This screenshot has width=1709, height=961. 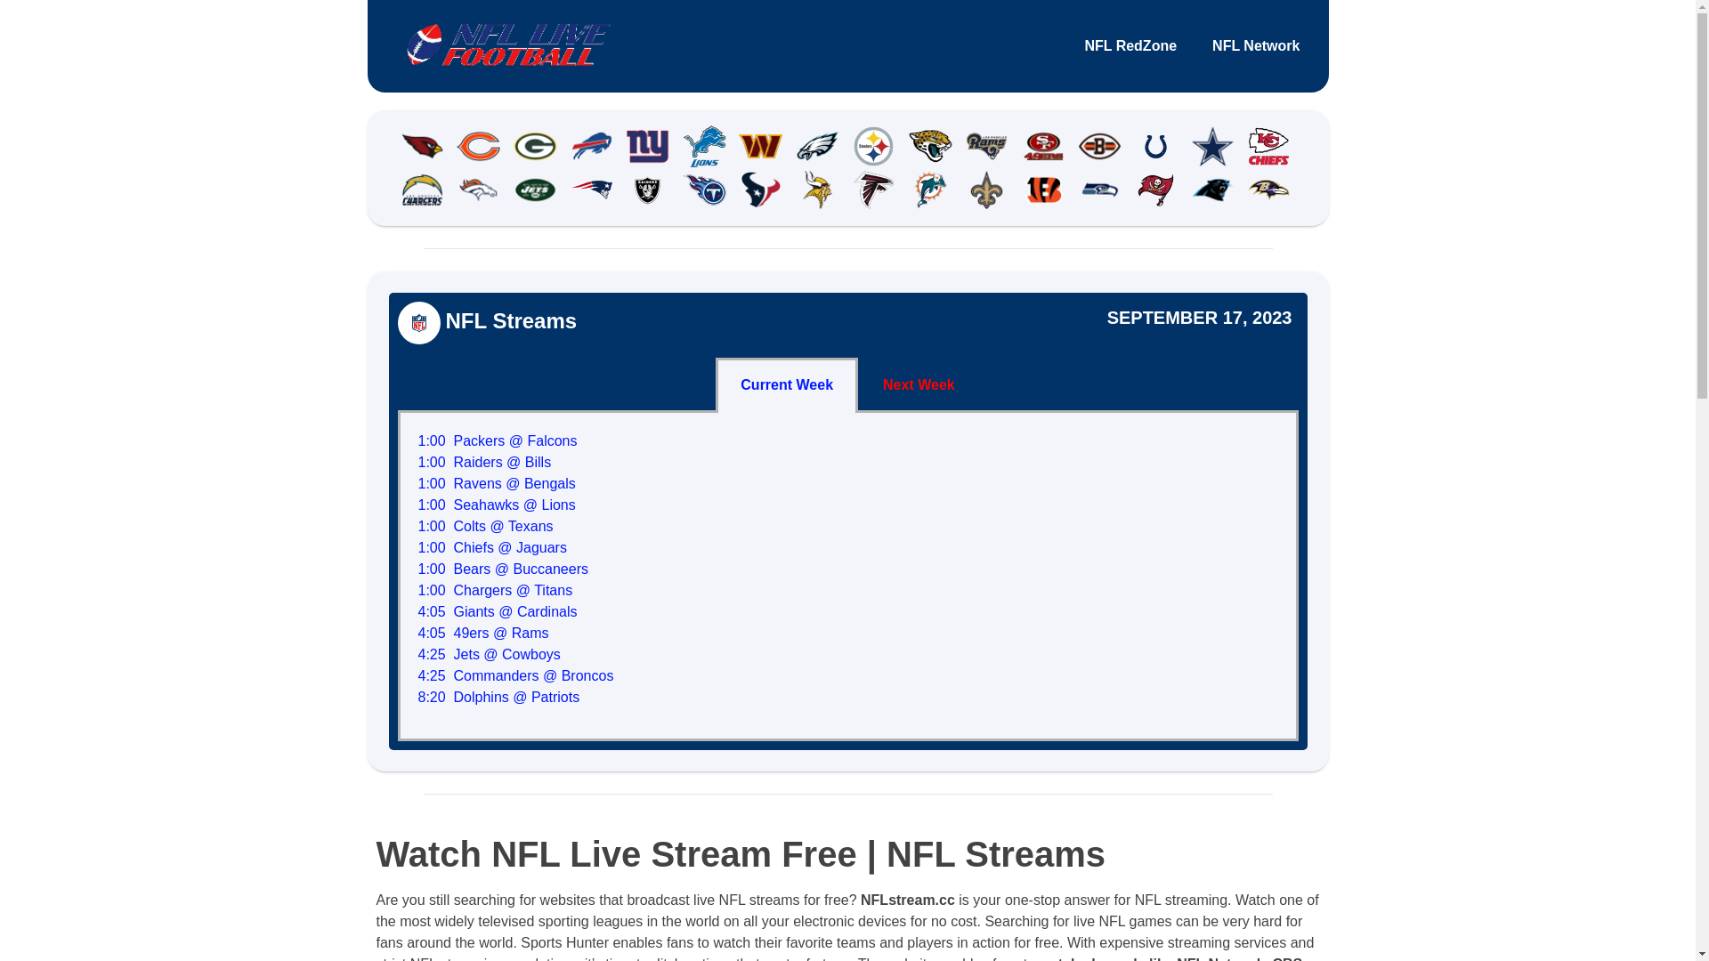 I want to click on 'Giants @ Cardinals', so click(x=514, y=610).